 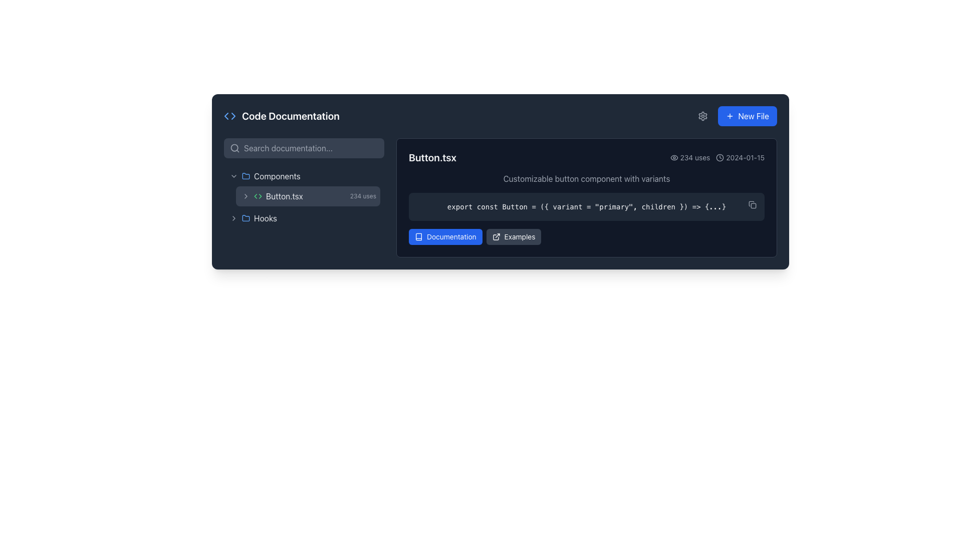 What do you see at coordinates (587, 206) in the screenshot?
I see `the text in the code snippet display located below the descriptive text 'Customizable button component with variants', prominently displayed in the center of the documentation section` at bounding box center [587, 206].